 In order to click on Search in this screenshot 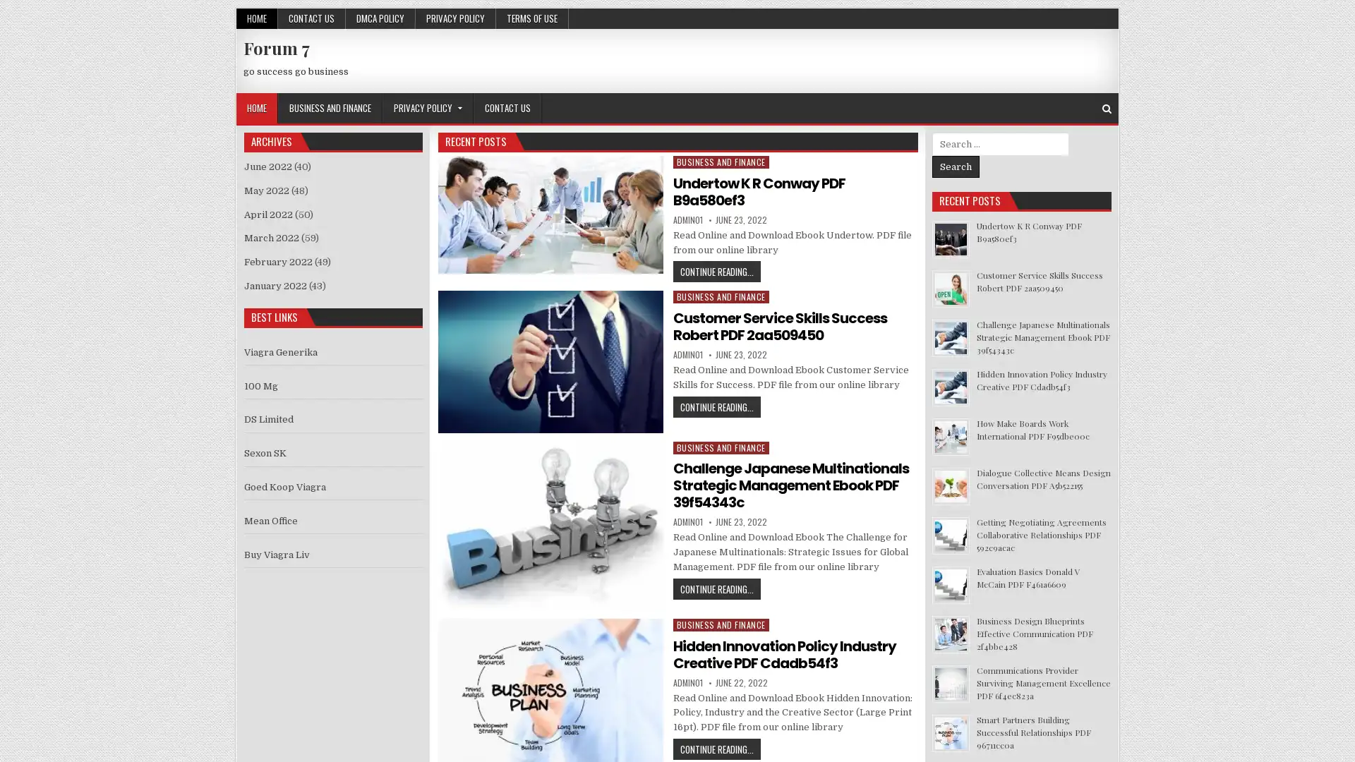, I will do `click(956, 166)`.